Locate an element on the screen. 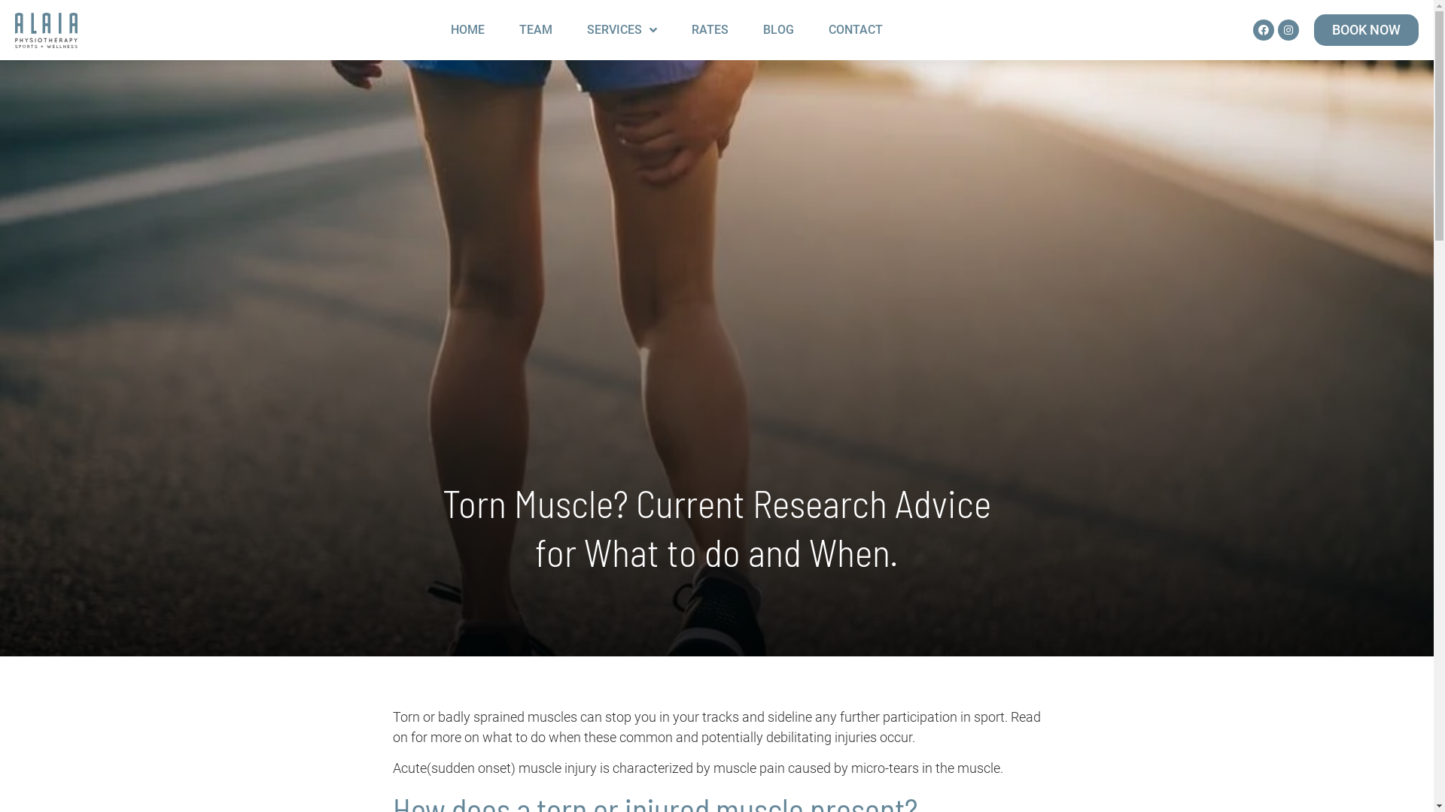 Image resolution: width=1445 pixels, height=812 pixels. 'SERVICES' is located at coordinates (570, 29).